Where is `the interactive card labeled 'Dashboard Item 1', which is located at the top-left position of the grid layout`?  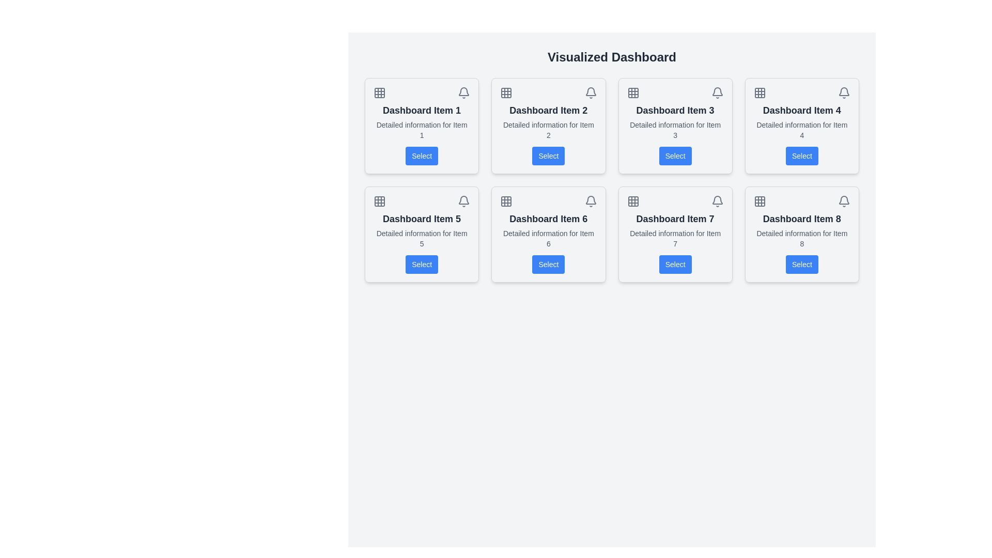
the interactive card labeled 'Dashboard Item 1', which is located at the top-left position of the grid layout is located at coordinates (422, 125).